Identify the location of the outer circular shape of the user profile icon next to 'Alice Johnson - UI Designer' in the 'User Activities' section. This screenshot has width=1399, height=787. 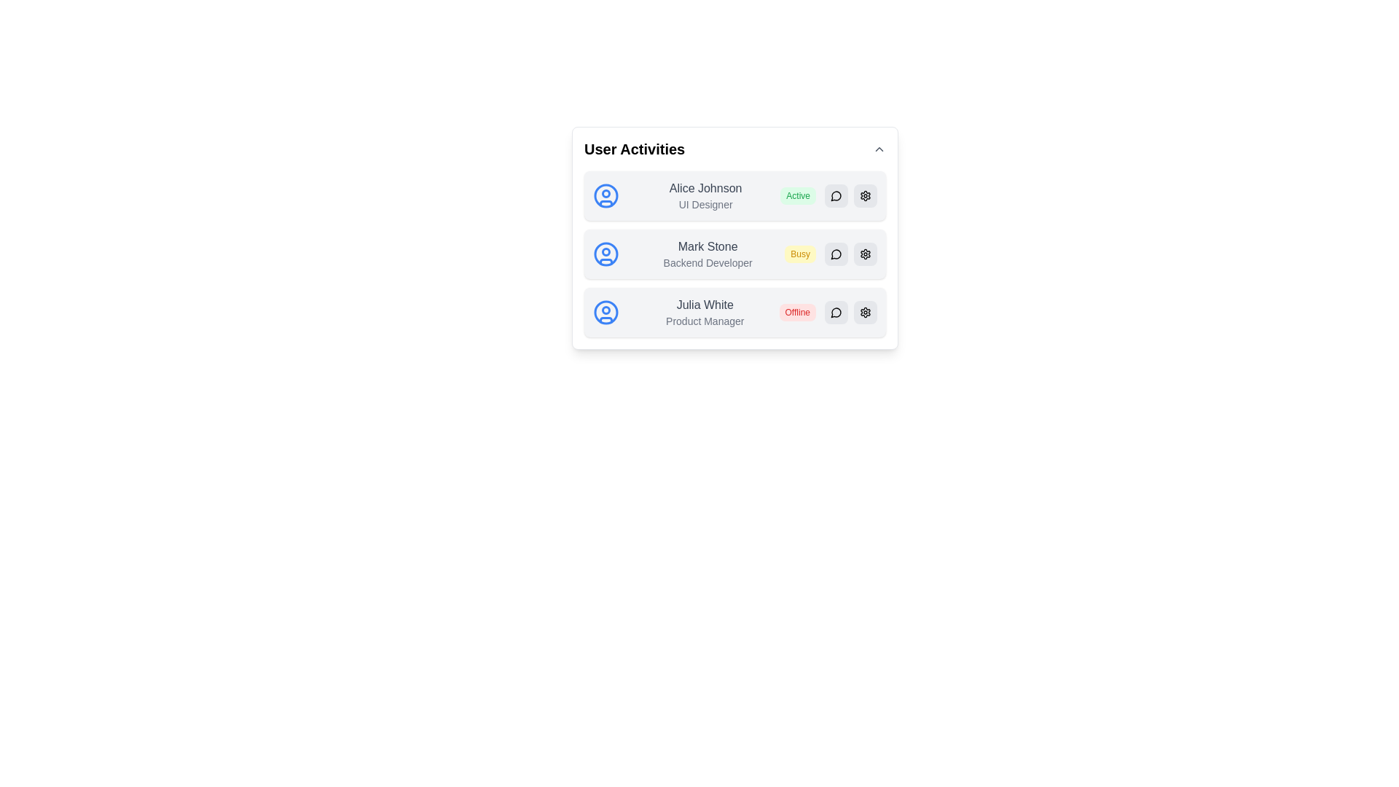
(606, 195).